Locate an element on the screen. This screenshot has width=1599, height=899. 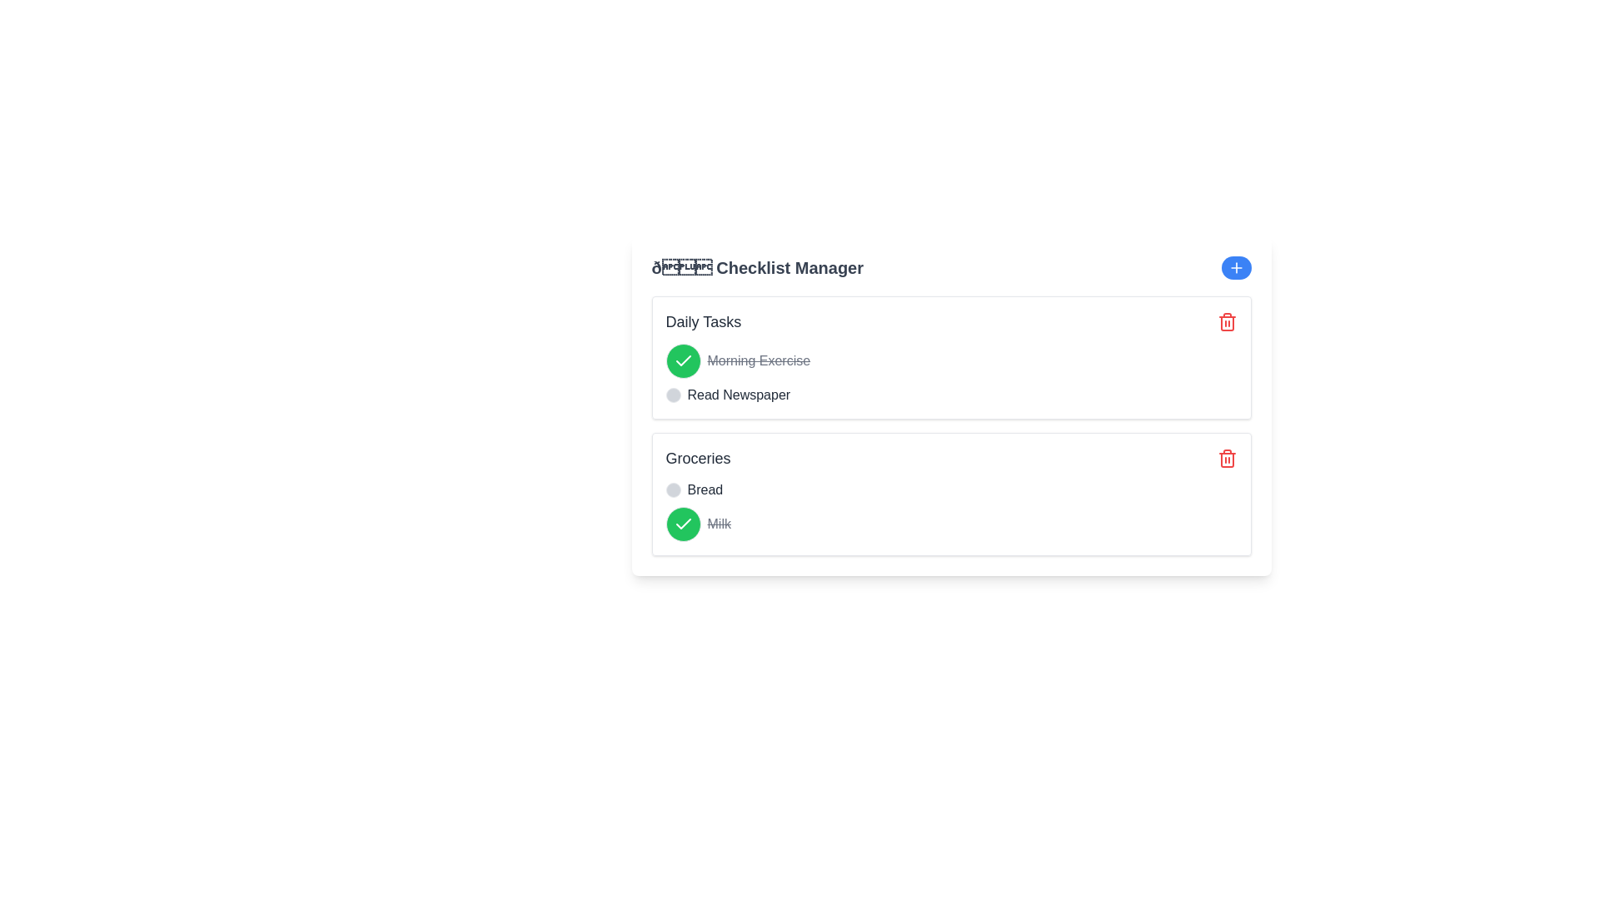
the completion marker of the checklist item for 'Milk' located in the 'Groceries' section is located at coordinates (951, 509).